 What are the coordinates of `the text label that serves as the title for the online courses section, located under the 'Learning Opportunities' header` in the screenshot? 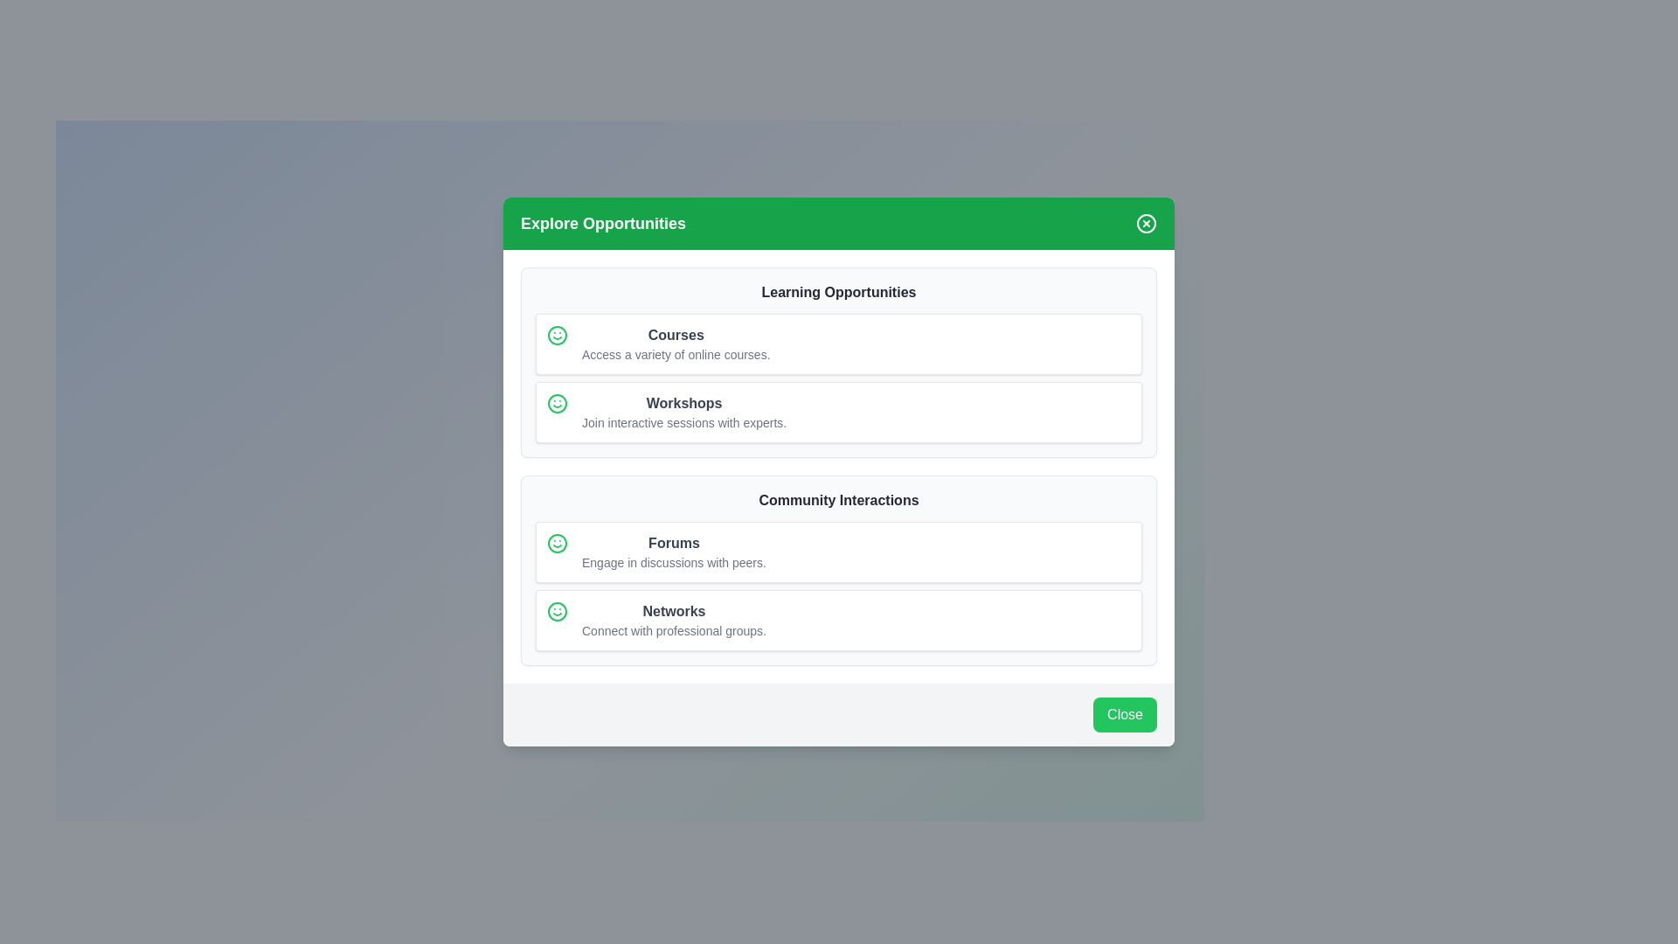 It's located at (675, 336).